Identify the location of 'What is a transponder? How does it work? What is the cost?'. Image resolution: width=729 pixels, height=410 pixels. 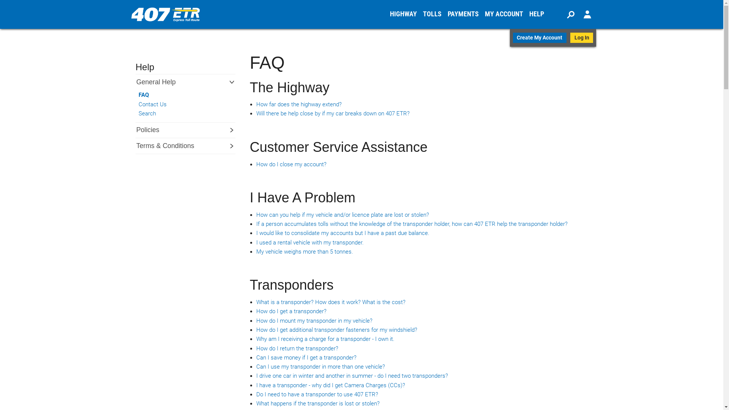
(331, 301).